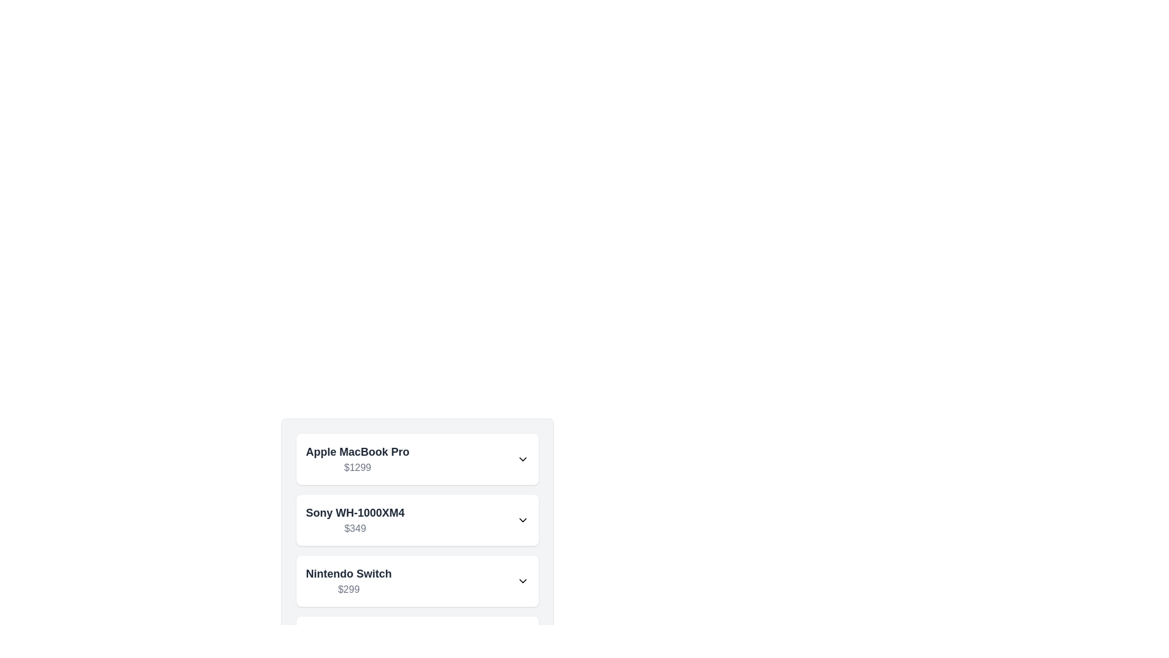 The height and width of the screenshot is (658, 1169). I want to click on the bold text label 'Nintendo Switch' located in the third item of the vertical list, positioned above the price '$299', so click(348, 573).